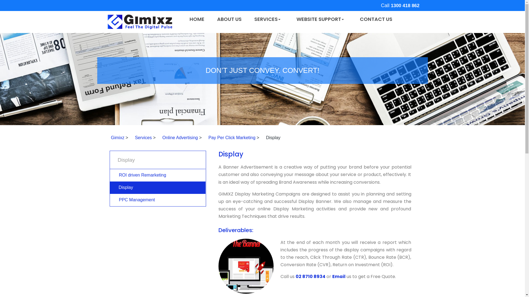 This screenshot has height=297, width=529. Describe the element at coordinates (185, 19) in the screenshot. I see `'HOME'` at that location.